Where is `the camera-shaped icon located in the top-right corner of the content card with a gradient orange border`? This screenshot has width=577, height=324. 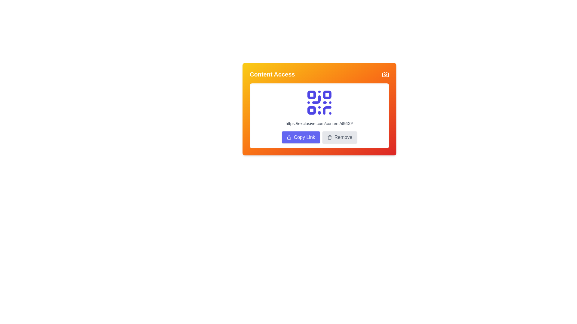
the camera-shaped icon located in the top-right corner of the content card with a gradient orange border is located at coordinates (385, 74).